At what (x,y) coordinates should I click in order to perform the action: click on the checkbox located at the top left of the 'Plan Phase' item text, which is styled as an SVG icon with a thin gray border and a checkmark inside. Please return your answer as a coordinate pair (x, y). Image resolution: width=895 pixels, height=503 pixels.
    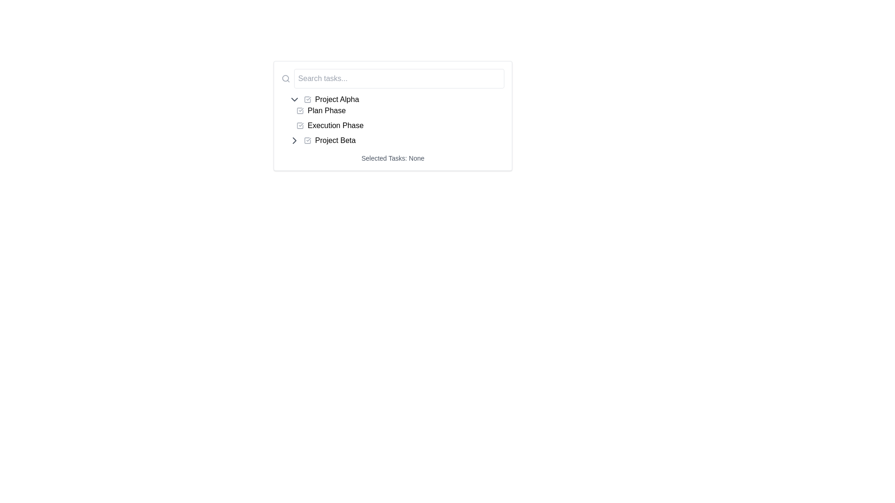
    Looking at the image, I should click on (300, 110).